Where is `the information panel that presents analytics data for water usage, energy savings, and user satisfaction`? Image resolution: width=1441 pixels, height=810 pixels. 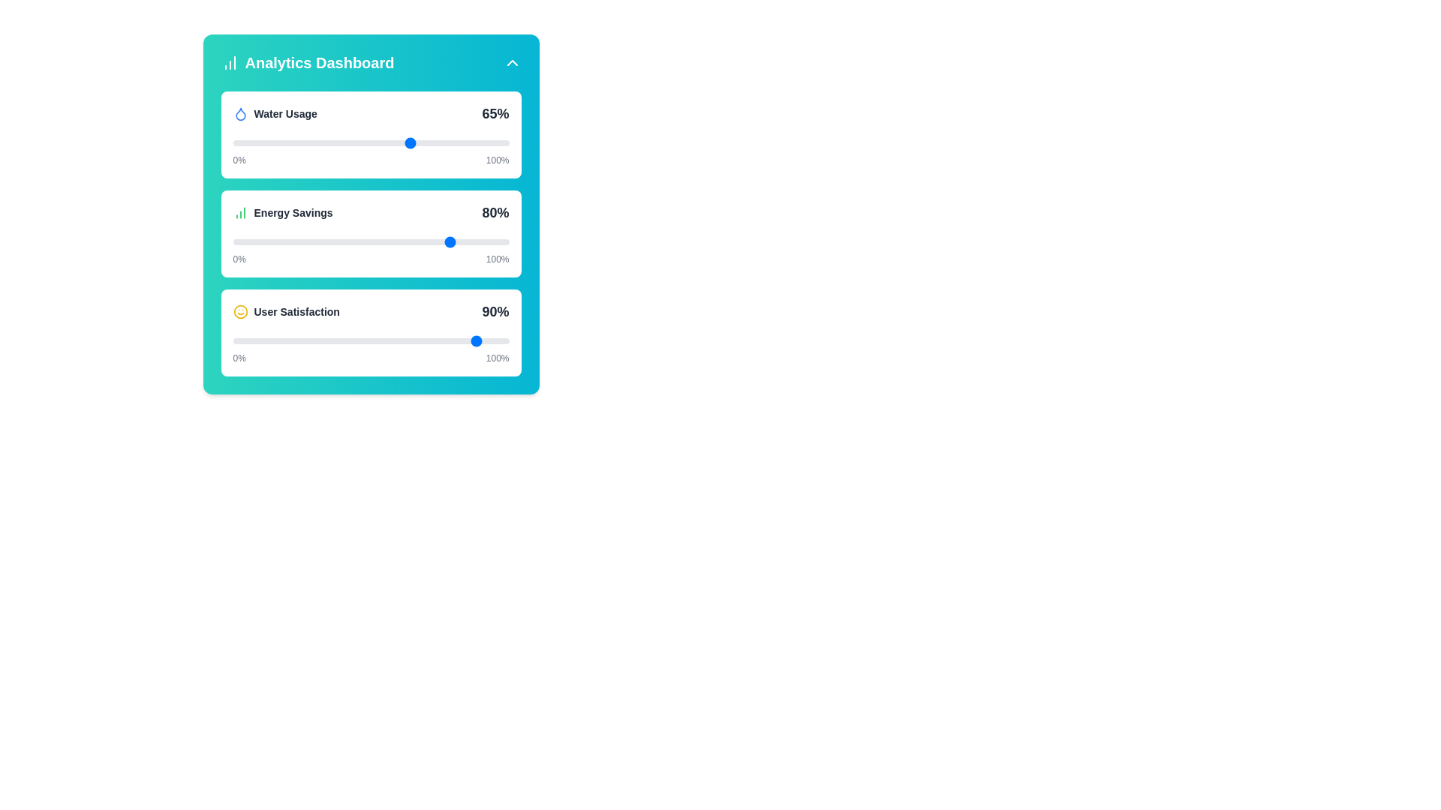
the information panel that presents analytics data for water usage, energy savings, and user satisfaction is located at coordinates (371, 214).